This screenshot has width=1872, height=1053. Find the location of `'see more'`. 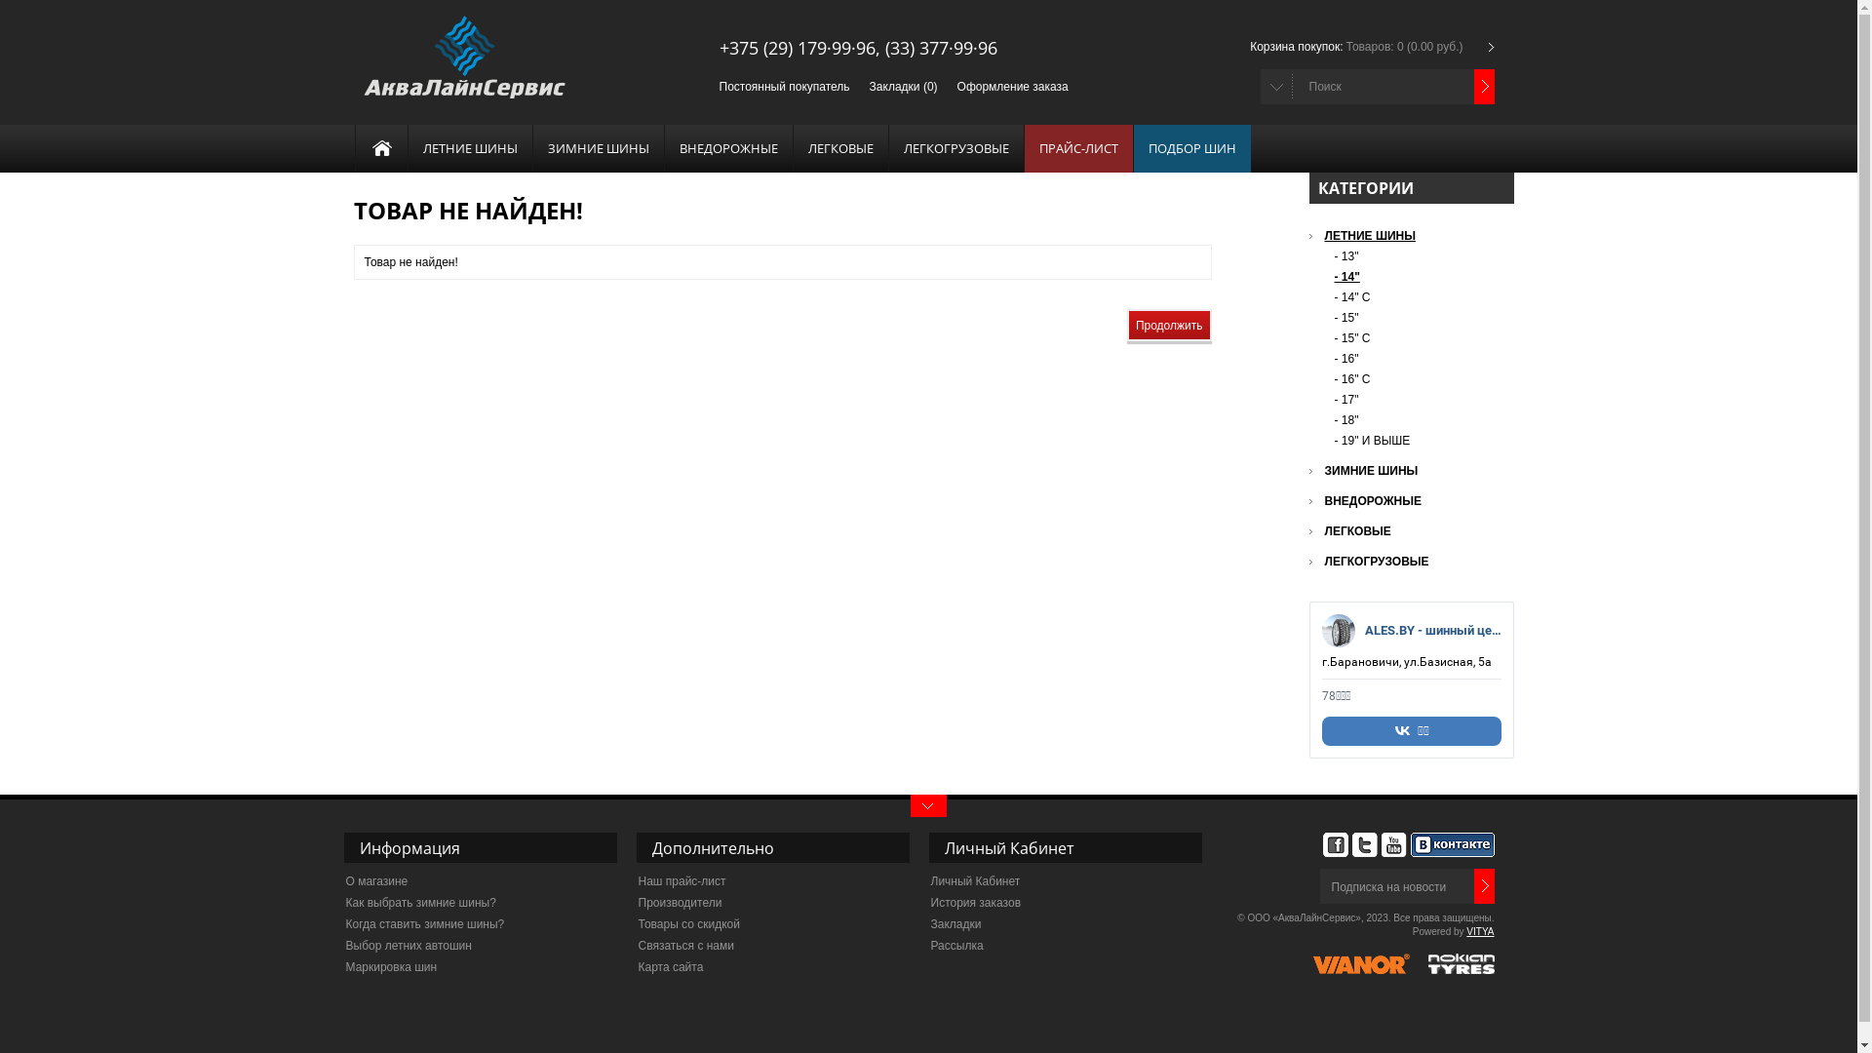

'see more' is located at coordinates (927, 805).